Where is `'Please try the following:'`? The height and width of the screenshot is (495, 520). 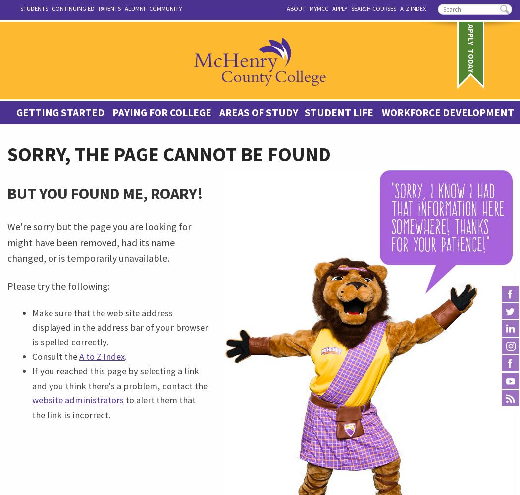
'Please try the following:' is located at coordinates (58, 285).